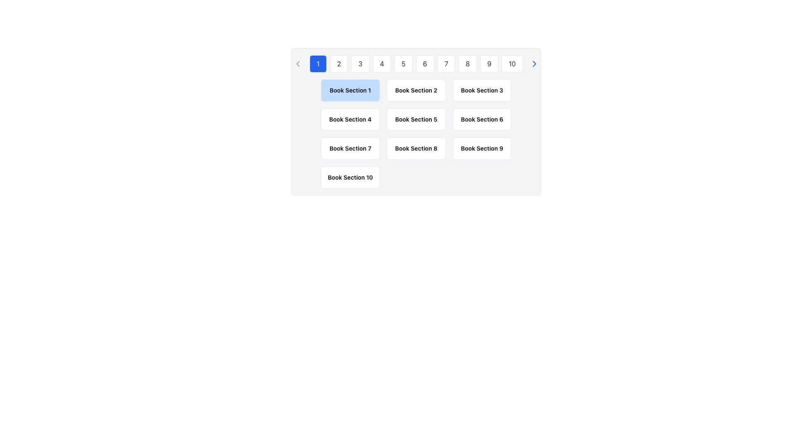 The height and width of the screenshot is (448, 798). I want to click on the rectangular button with rounded corners labeled 'Book Section 8', which is located in the third row, second column of the grid layout, so click(416, 148).